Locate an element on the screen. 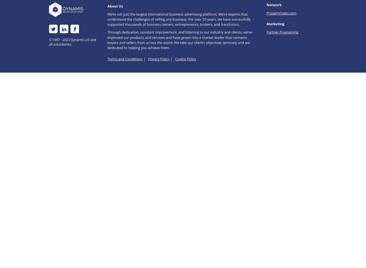 This screenshot has height=268, width=366. 'We’re not just the largest international business advertising platform. We're experts that understand the challenges of selling any business. For over 20 years, we have successfully supported thousands of business owners, entrepreneurs, brokers, and franchisors.' is located at coordinates (178, 19).